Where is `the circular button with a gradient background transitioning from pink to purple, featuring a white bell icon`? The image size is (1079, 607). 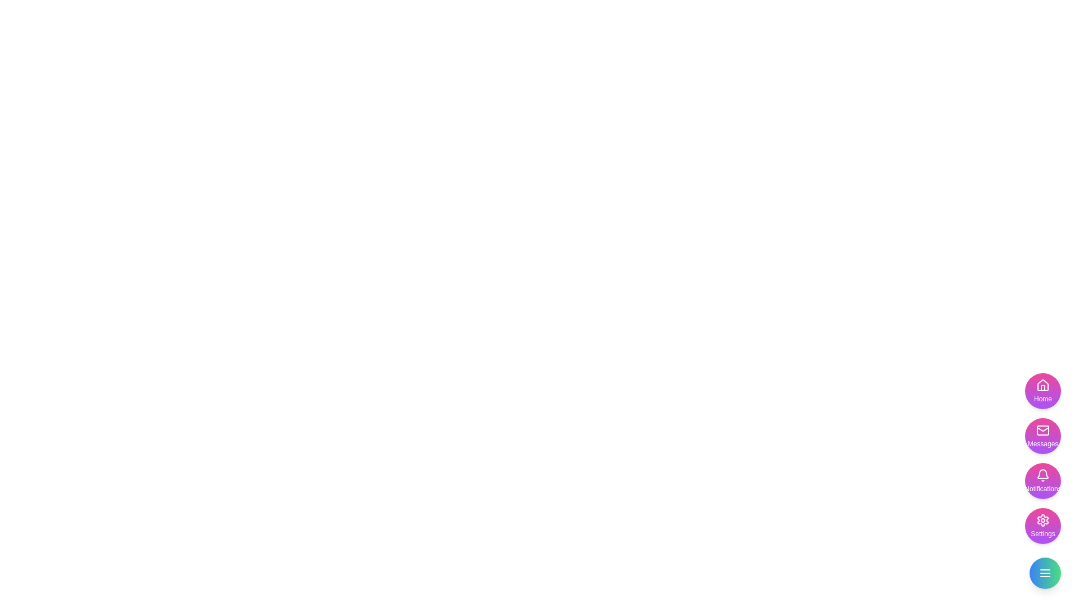
the circular button with a gradient background transitioning from pink to purple, featuring a white bell icon is located at coordinates (1042, 459).